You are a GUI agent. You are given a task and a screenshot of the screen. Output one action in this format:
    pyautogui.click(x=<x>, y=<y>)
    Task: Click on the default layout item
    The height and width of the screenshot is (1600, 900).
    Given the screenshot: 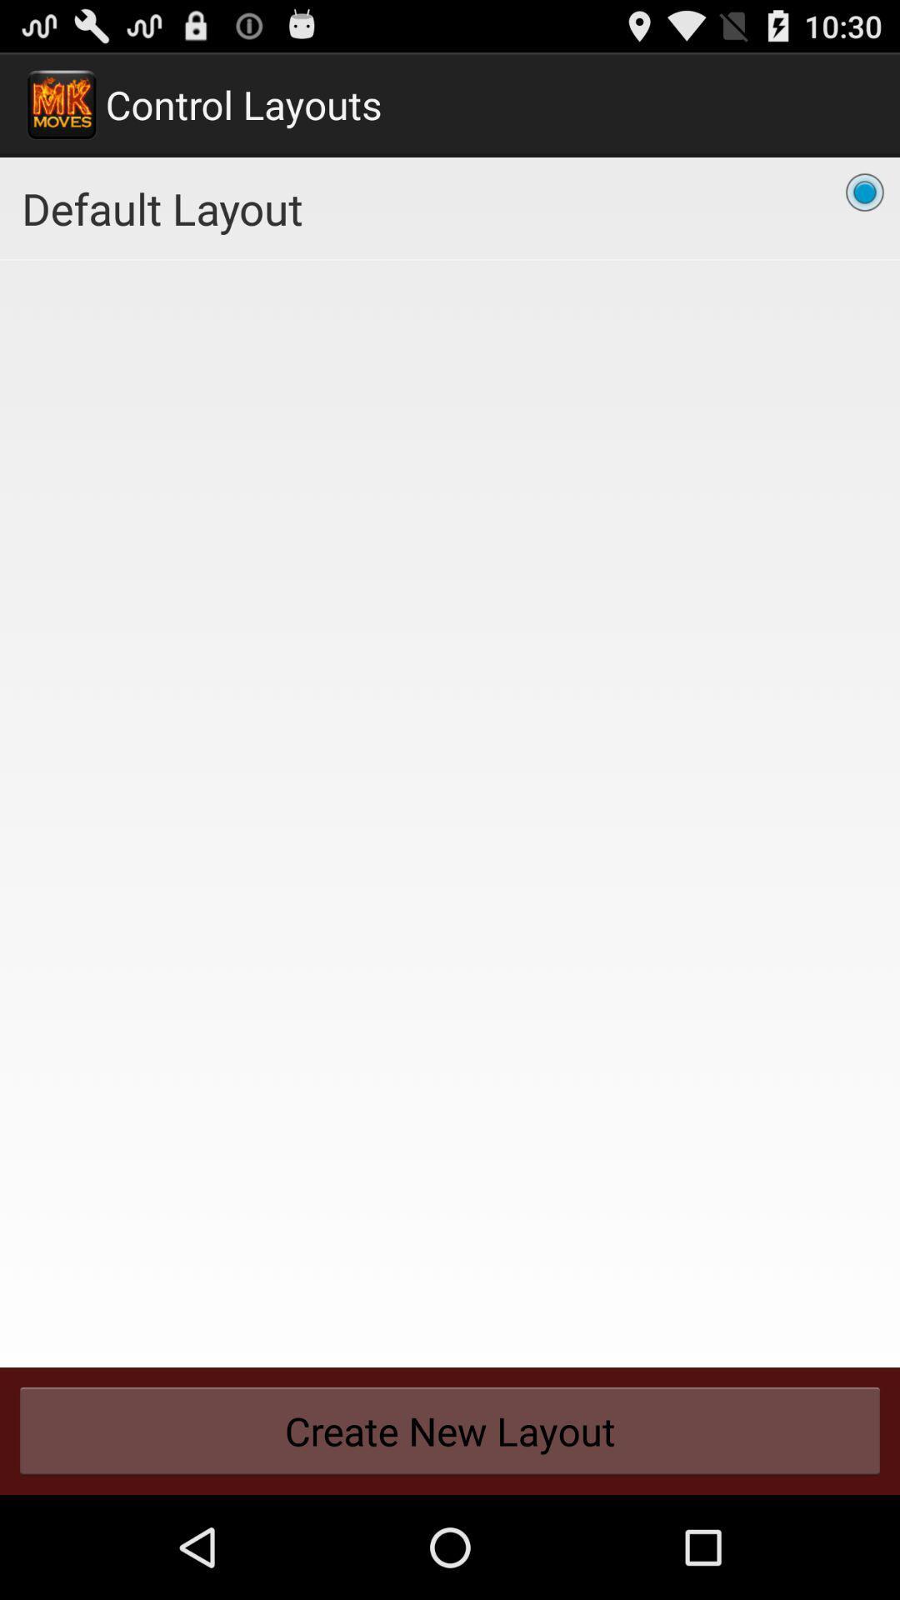 What is the action you would take?
    pyautogui.click(x=450, y=207)
    